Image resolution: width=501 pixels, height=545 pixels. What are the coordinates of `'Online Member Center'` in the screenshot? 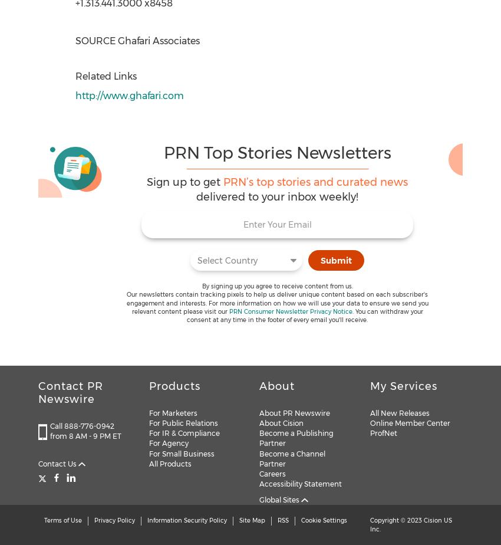 It's located at (408, 423).